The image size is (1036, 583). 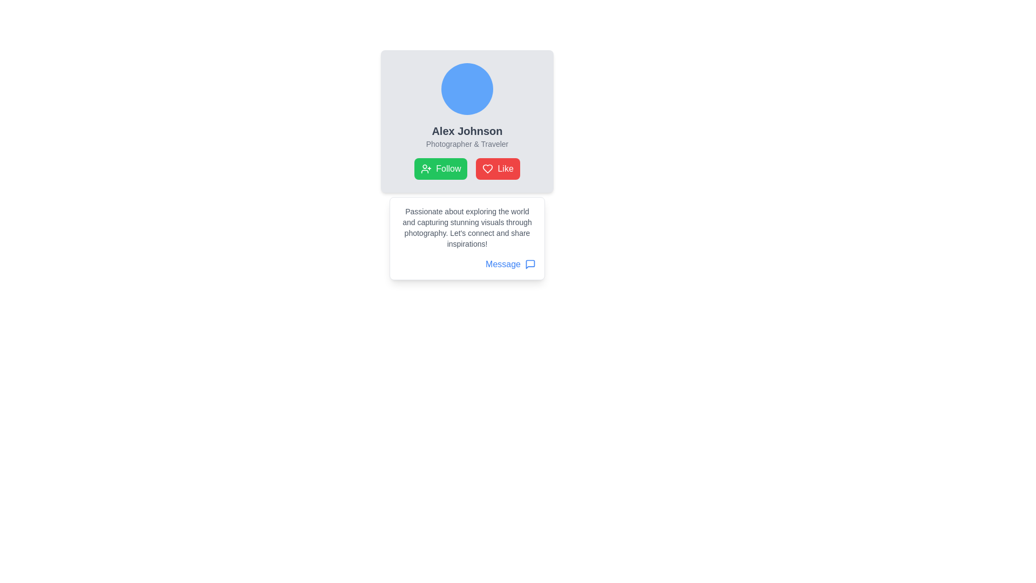 What do you see at coordinates (467, 168) in the screenshot?
I see `the green 'Follow' button in the group of interactive buttons located below the profile name and description` at bounding box center [467, 168].